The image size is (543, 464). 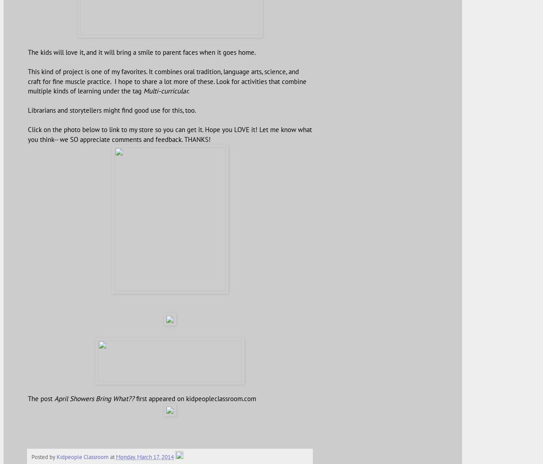 I want to click on 'Multi-curricular.', so click(x=143, y=90).